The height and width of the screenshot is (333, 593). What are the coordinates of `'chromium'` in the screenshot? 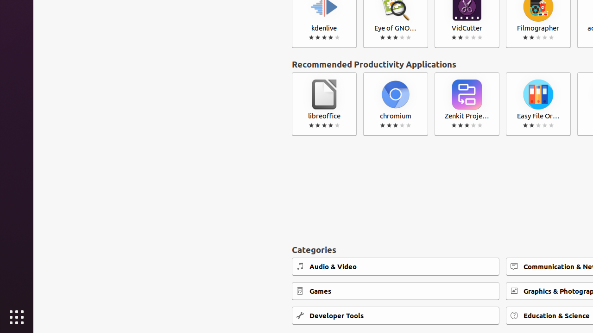 It's located at (396, 104).